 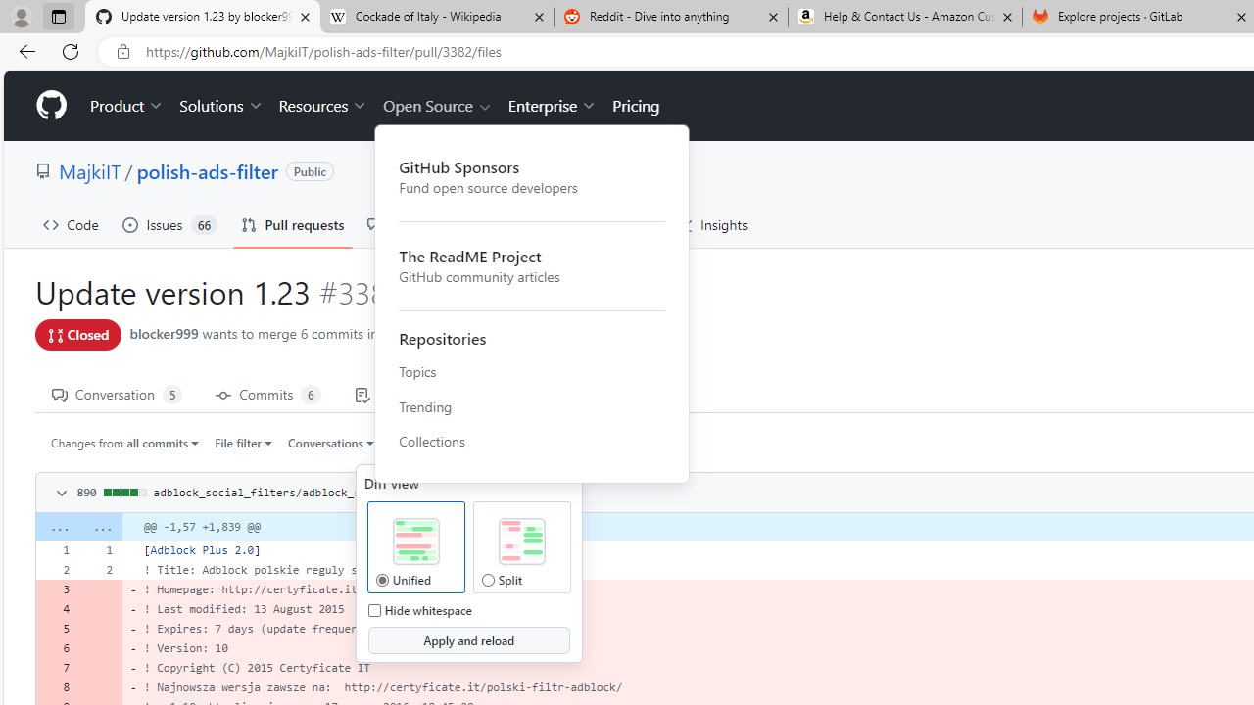 What do you see at coordinates (59, 493) in the screenshot?
I see `'Toggle diff contents'` at bounding box center [59, 493].